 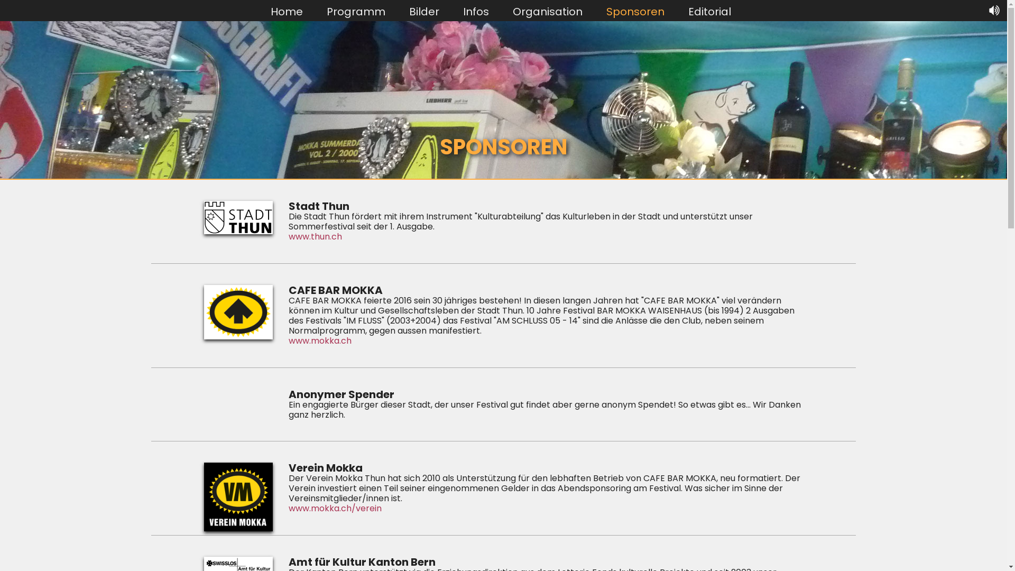 I want to click on 'Sponsoren', so click(x=634, y=11).